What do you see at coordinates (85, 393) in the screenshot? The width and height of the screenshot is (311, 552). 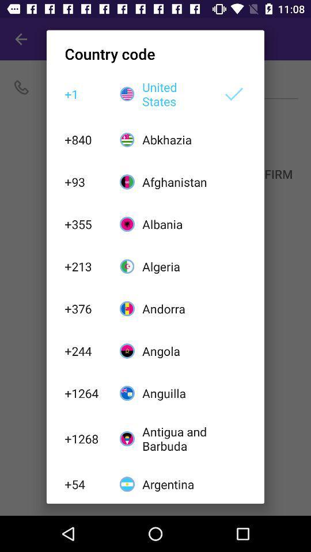 I see `the +1264` at bounding box center [85, 393].